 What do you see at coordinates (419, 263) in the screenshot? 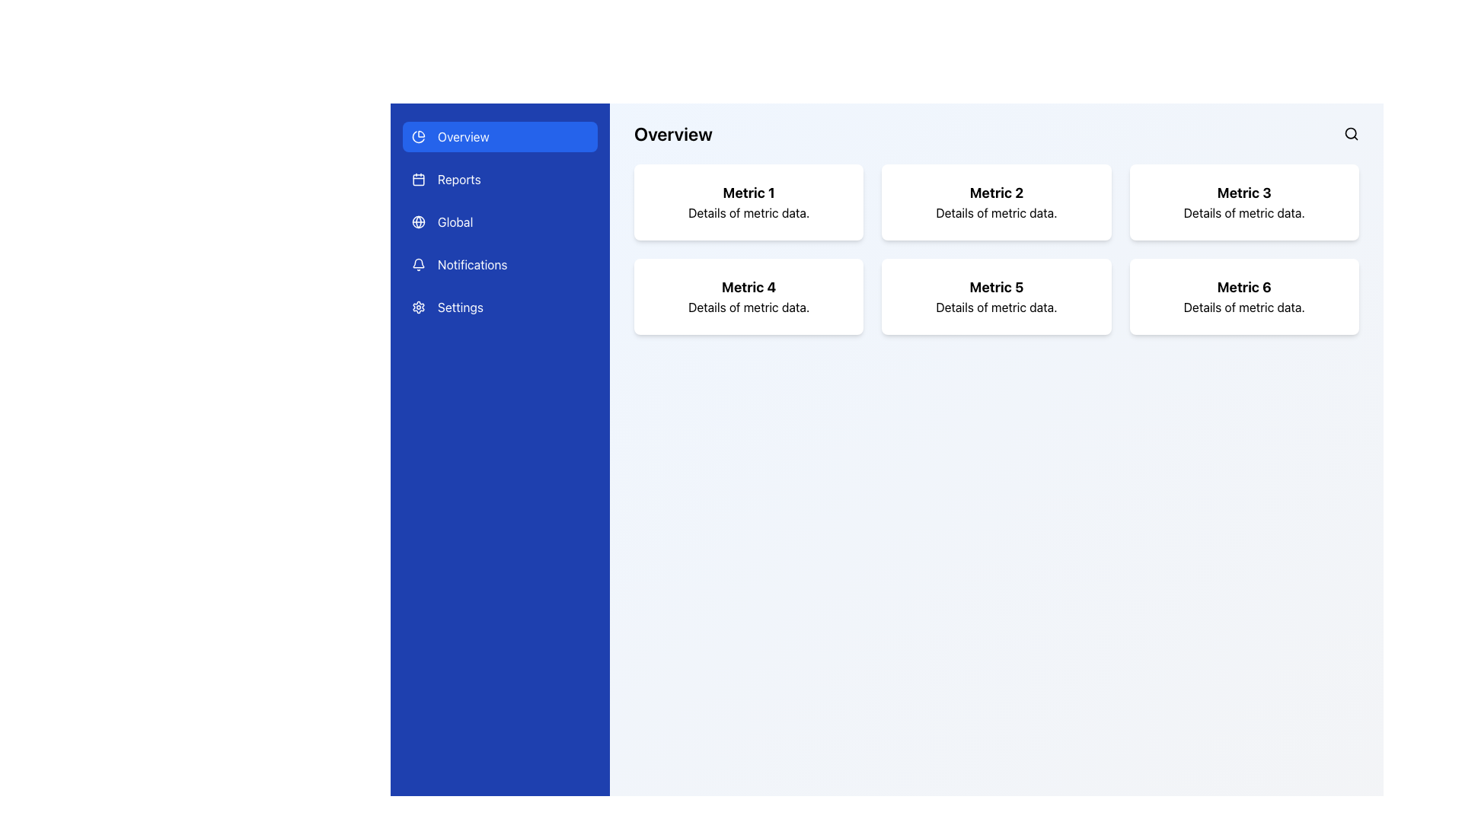
I see `the bell icon, which is a minimalist outline design in white on a blue background, located in the left navigation panel under the 'Notifications' menu option` at bounding box center [419, 263].